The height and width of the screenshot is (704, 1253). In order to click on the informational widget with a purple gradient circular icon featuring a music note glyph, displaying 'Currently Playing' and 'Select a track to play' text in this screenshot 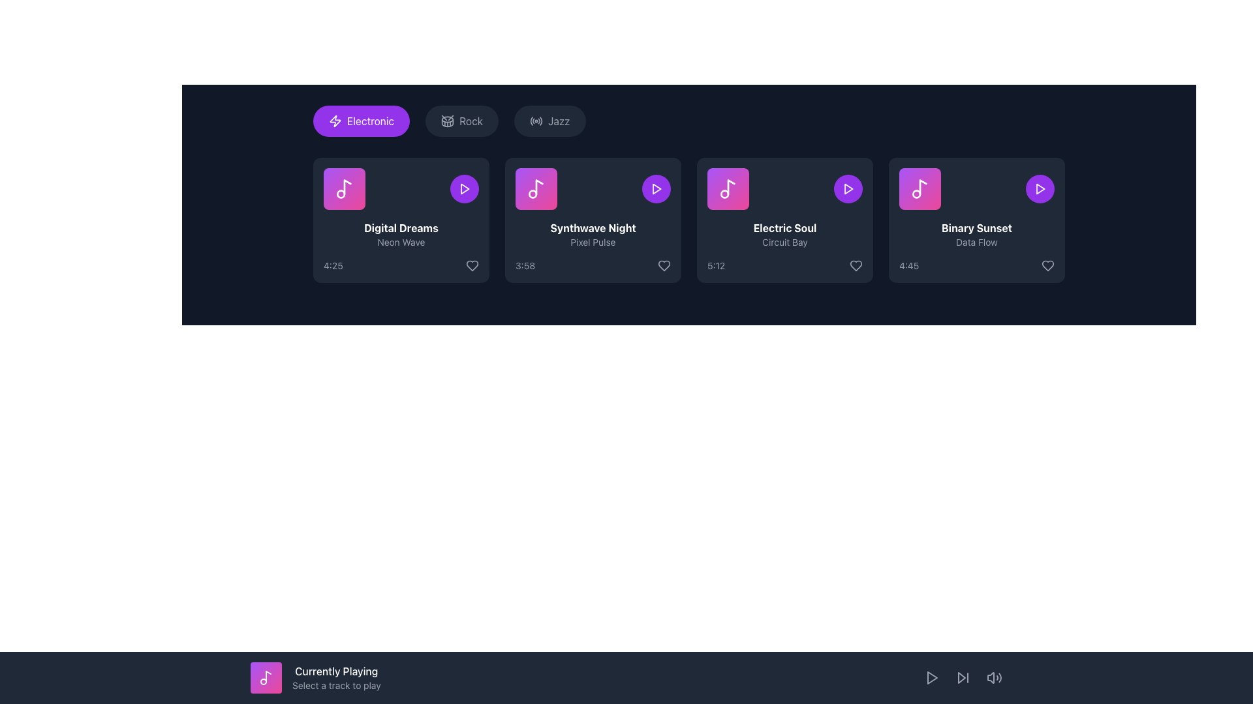, I will do `click(315, 677)`.